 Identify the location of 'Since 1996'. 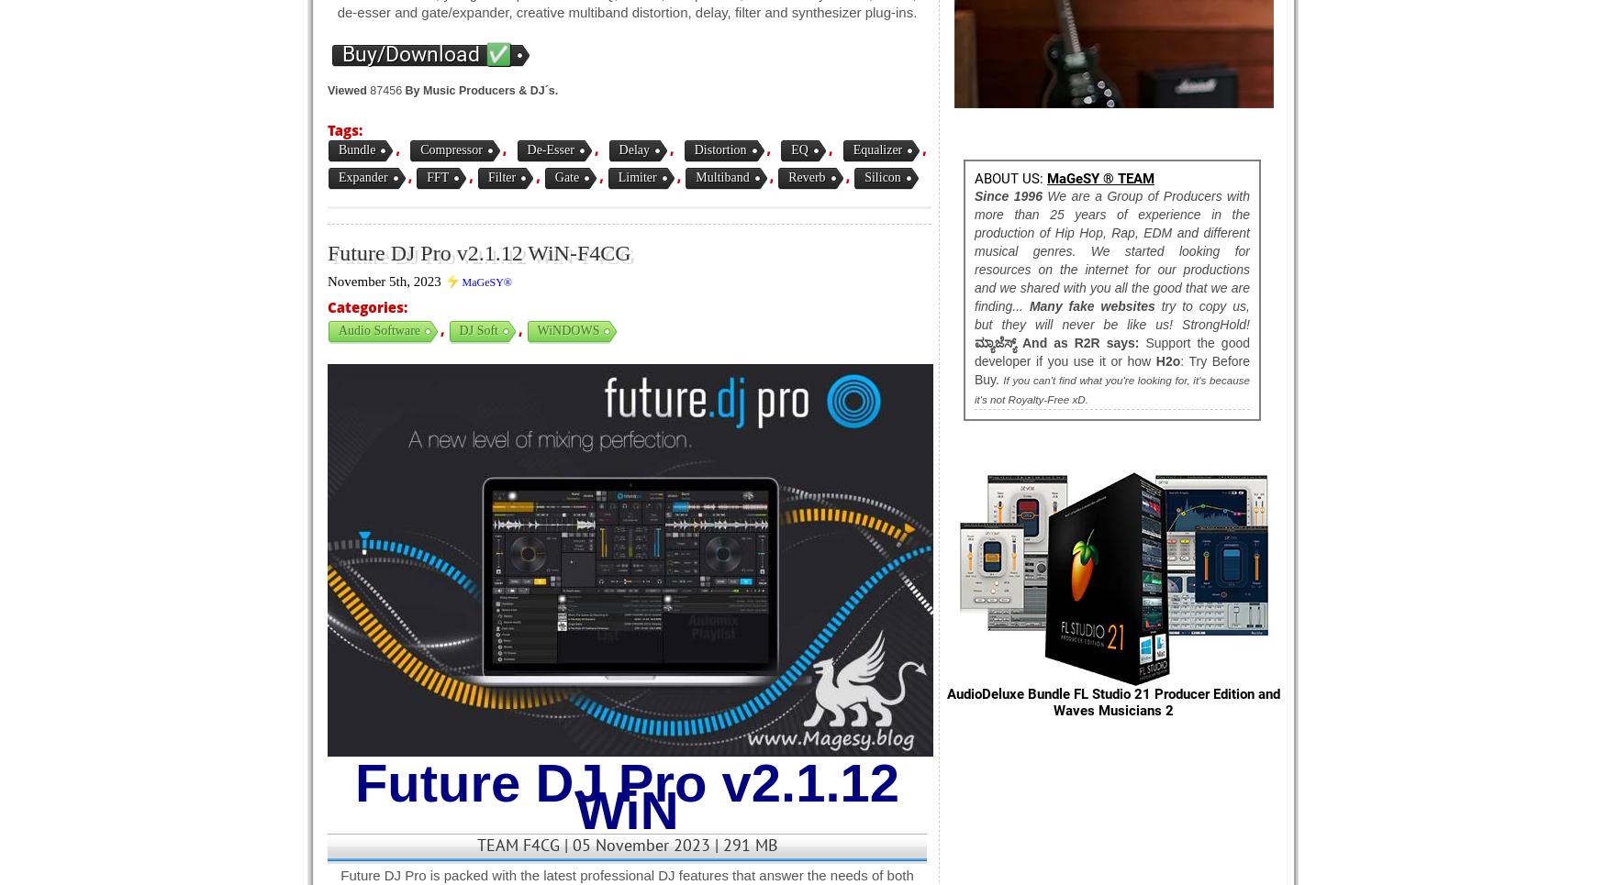
(1008, 196).